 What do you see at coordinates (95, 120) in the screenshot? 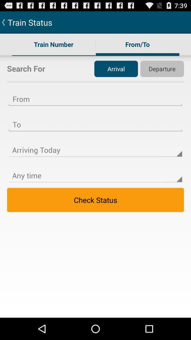
I see `arrival textbox` at bounding box center [95, 120].